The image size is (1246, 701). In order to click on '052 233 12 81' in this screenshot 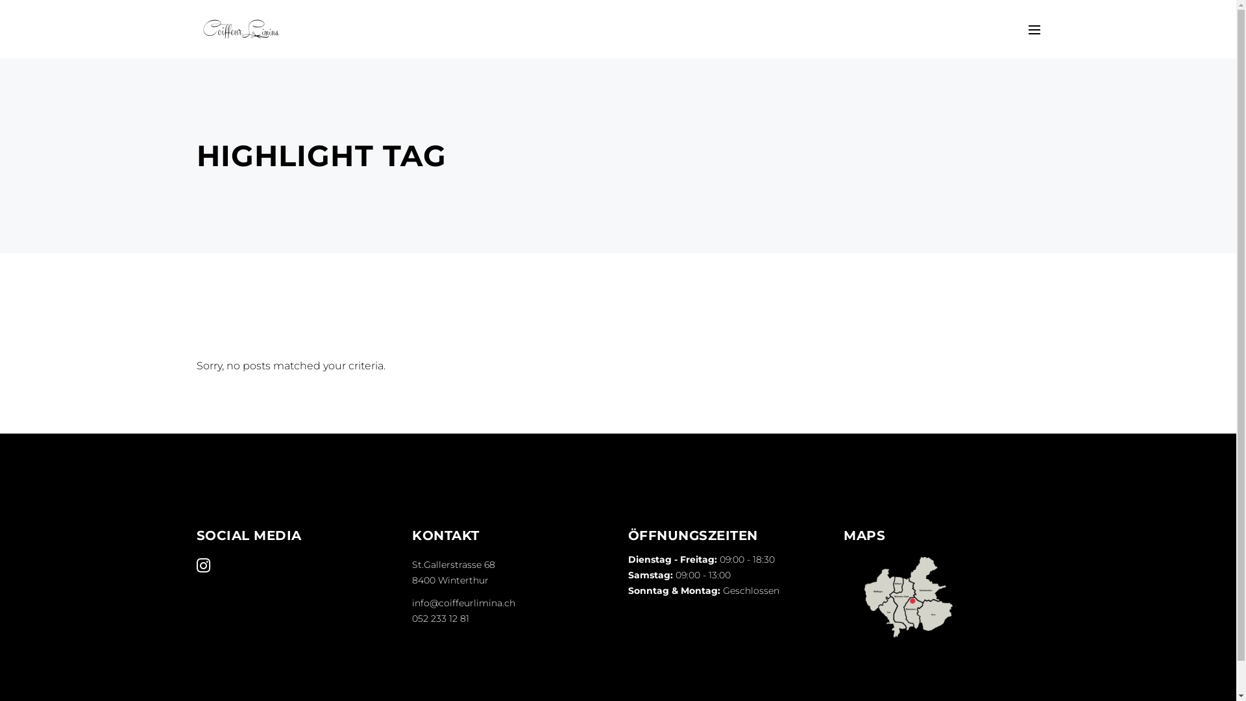, I will do `click(411, 617)`.